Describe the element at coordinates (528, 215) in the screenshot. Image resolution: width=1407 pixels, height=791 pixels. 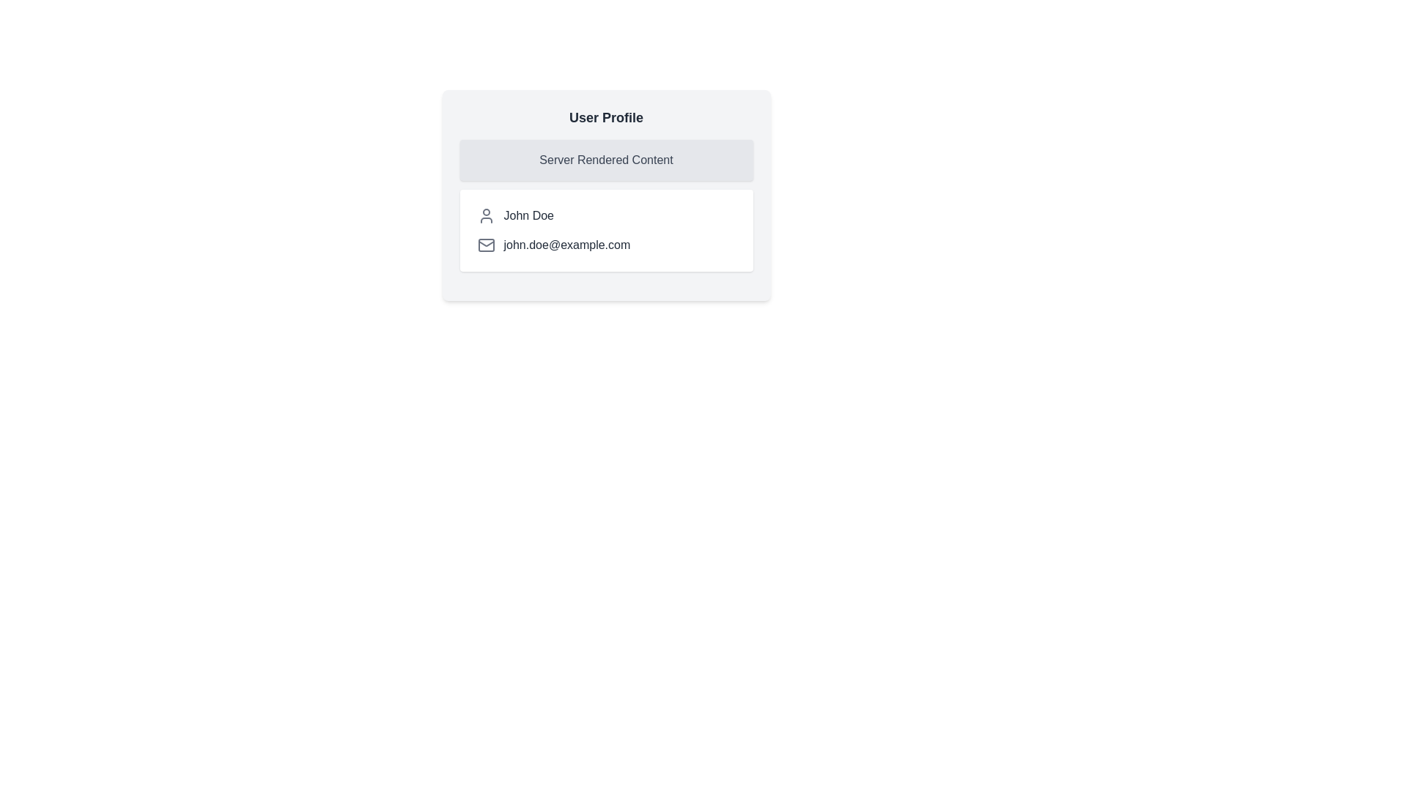
I see `the text display element showing the name 'John Doe', which is styled in dark gray sans-serif font and positioned to the right of a user icon` at that location.